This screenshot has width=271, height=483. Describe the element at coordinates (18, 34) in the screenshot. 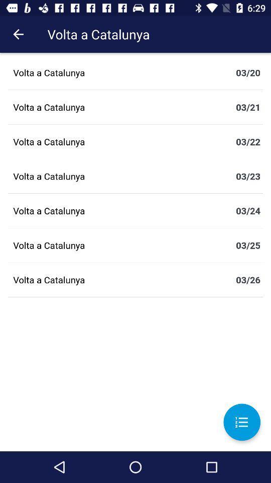

I see `icon to the left of volta a catalunya item` at that location.